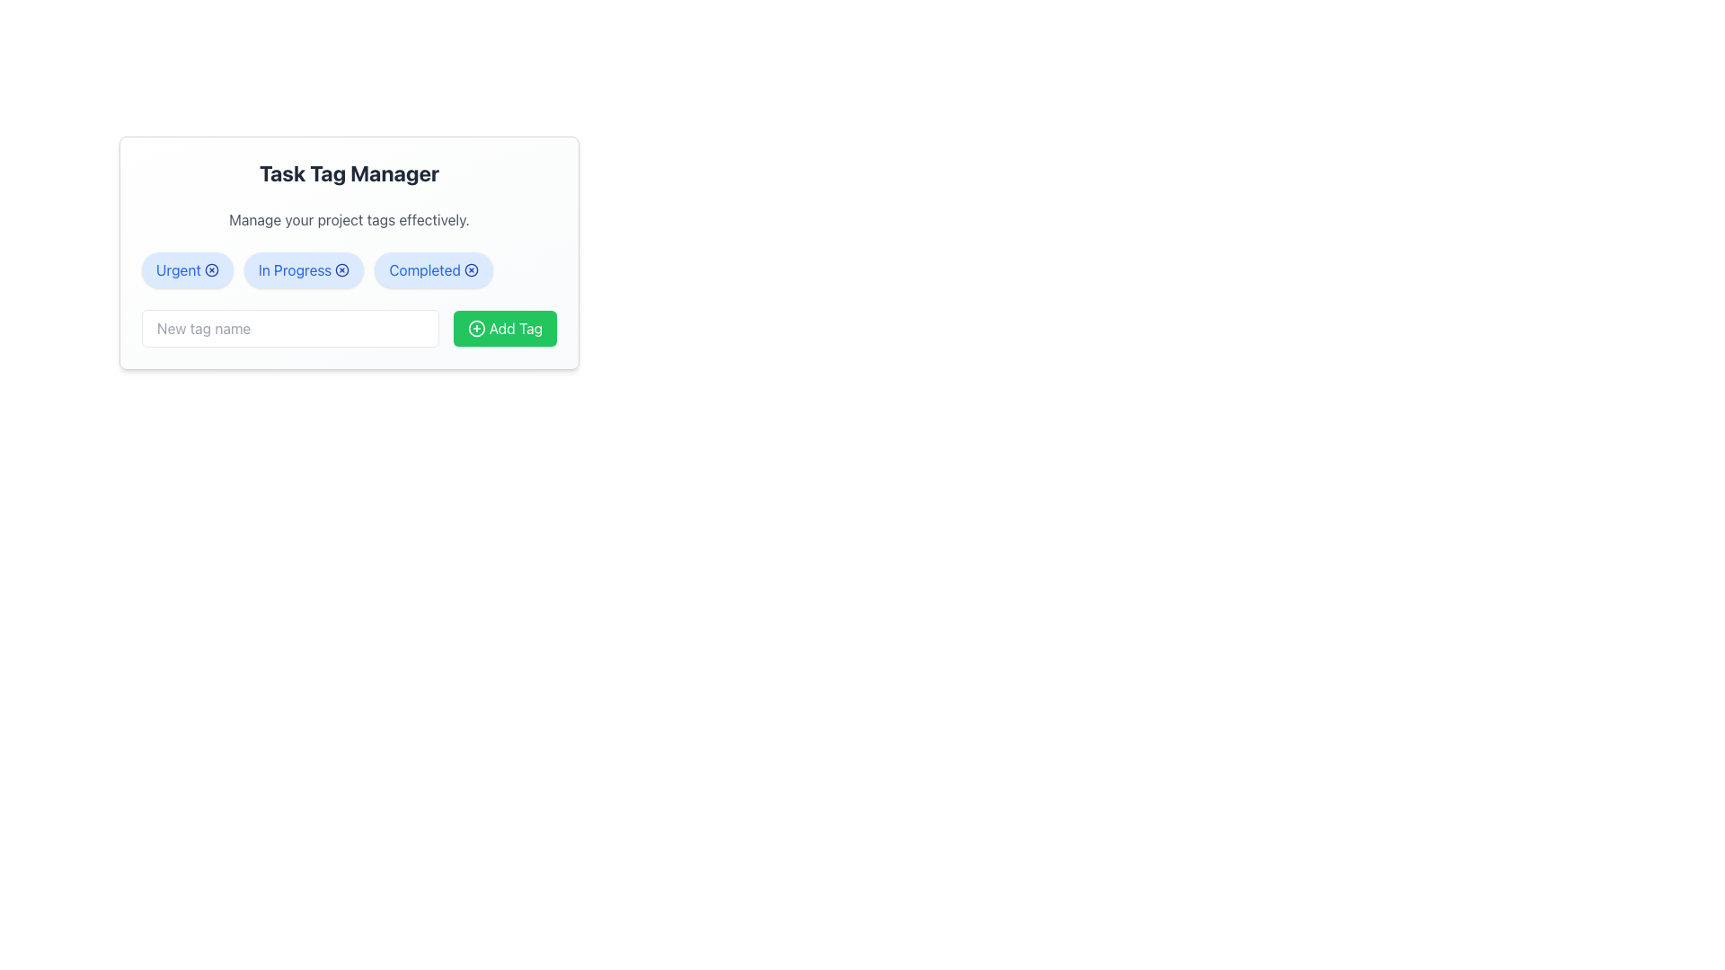  What do you see at coordinates (211, 269) in the screenshot?
I see `the SVG graphic (Circle) that represents the clickable area` at bounding box center [211, 269].